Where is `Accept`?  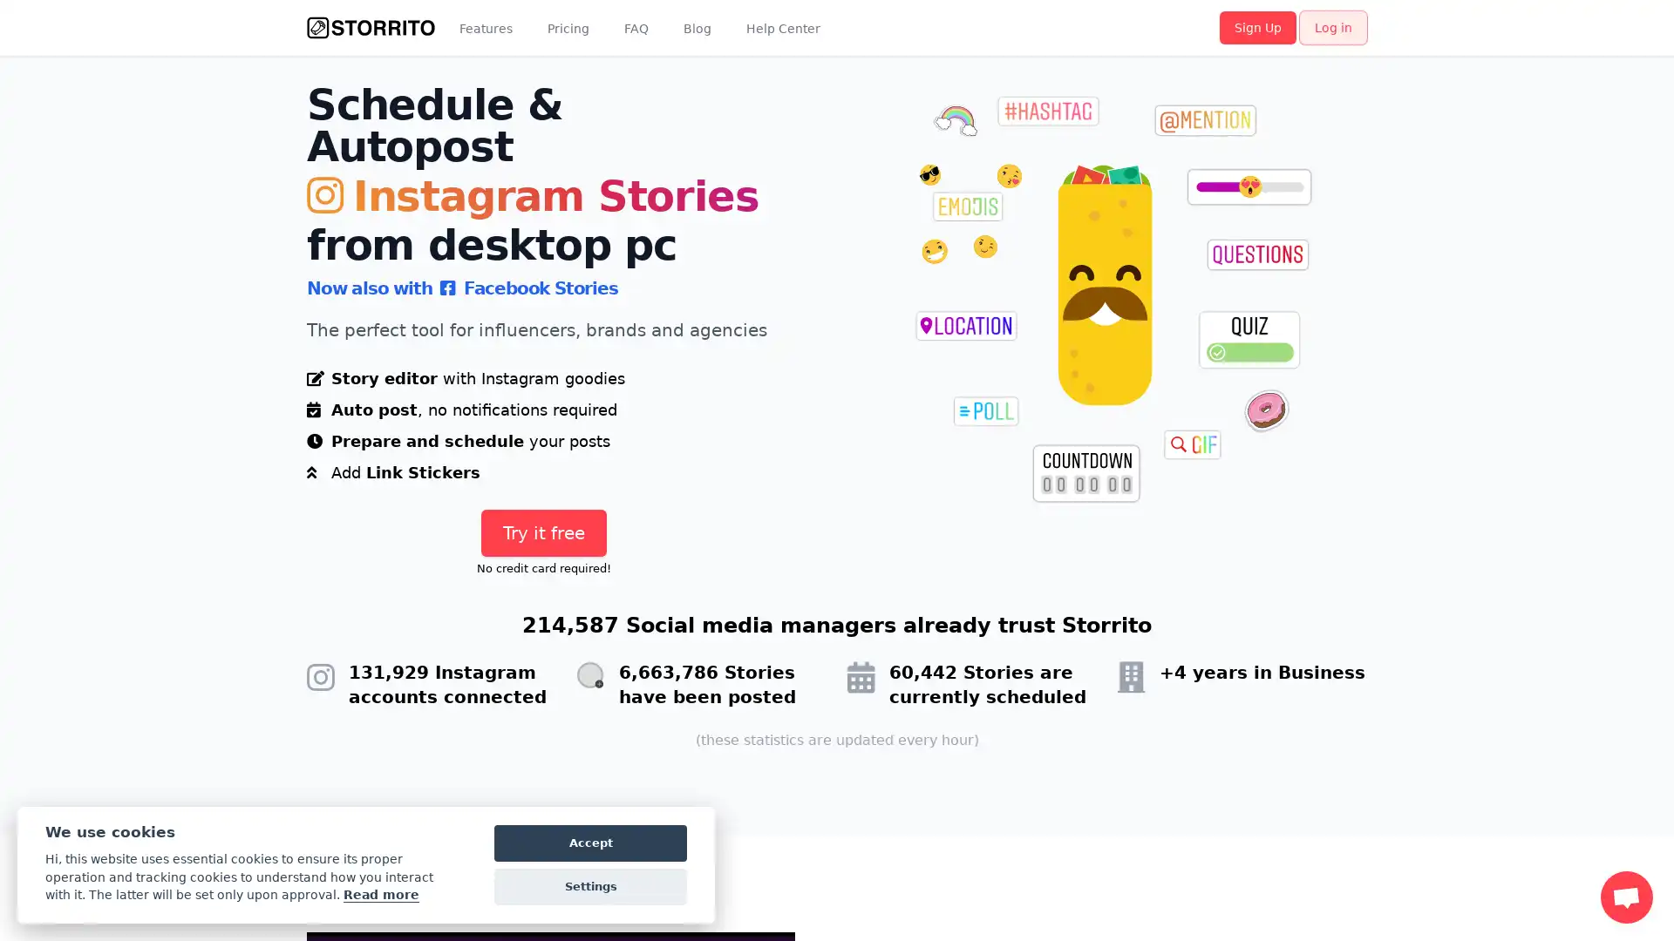
Accept is located at coordinates (590, 843).